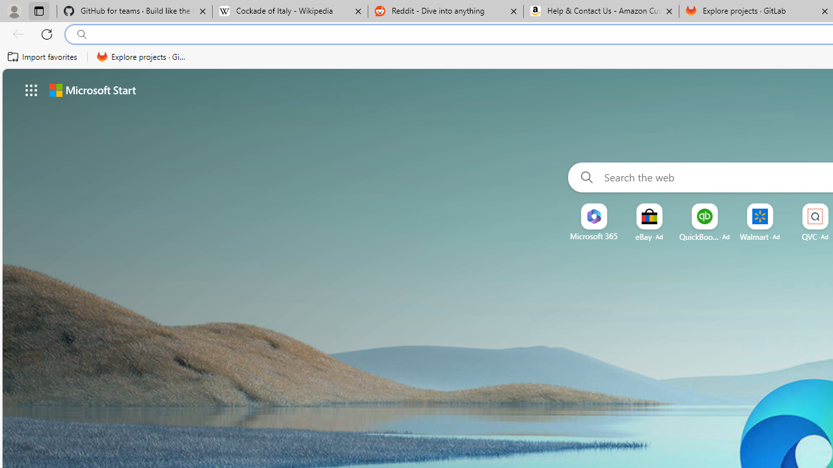  Describe the element at coordinates (42, 57) in the screenshot. I see `'Import favorites'` at that location.